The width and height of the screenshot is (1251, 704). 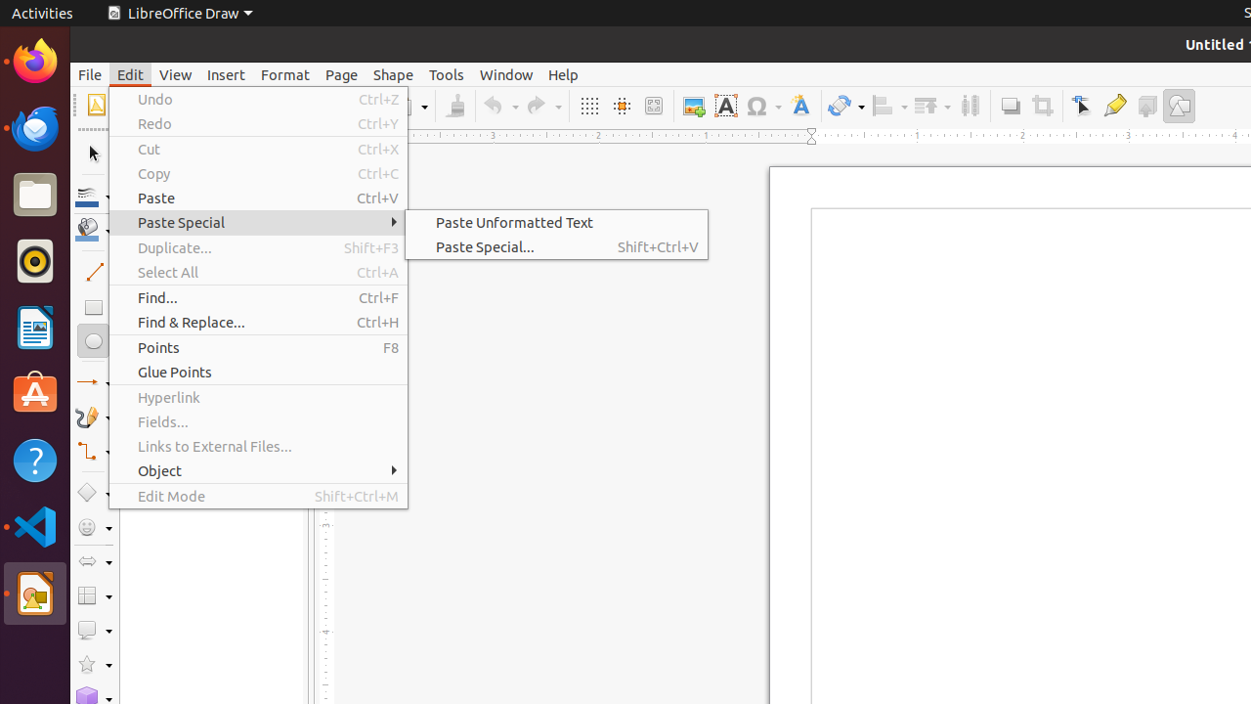 I want to click on 'LibreOffice Draw', so click(x=179, y=13).